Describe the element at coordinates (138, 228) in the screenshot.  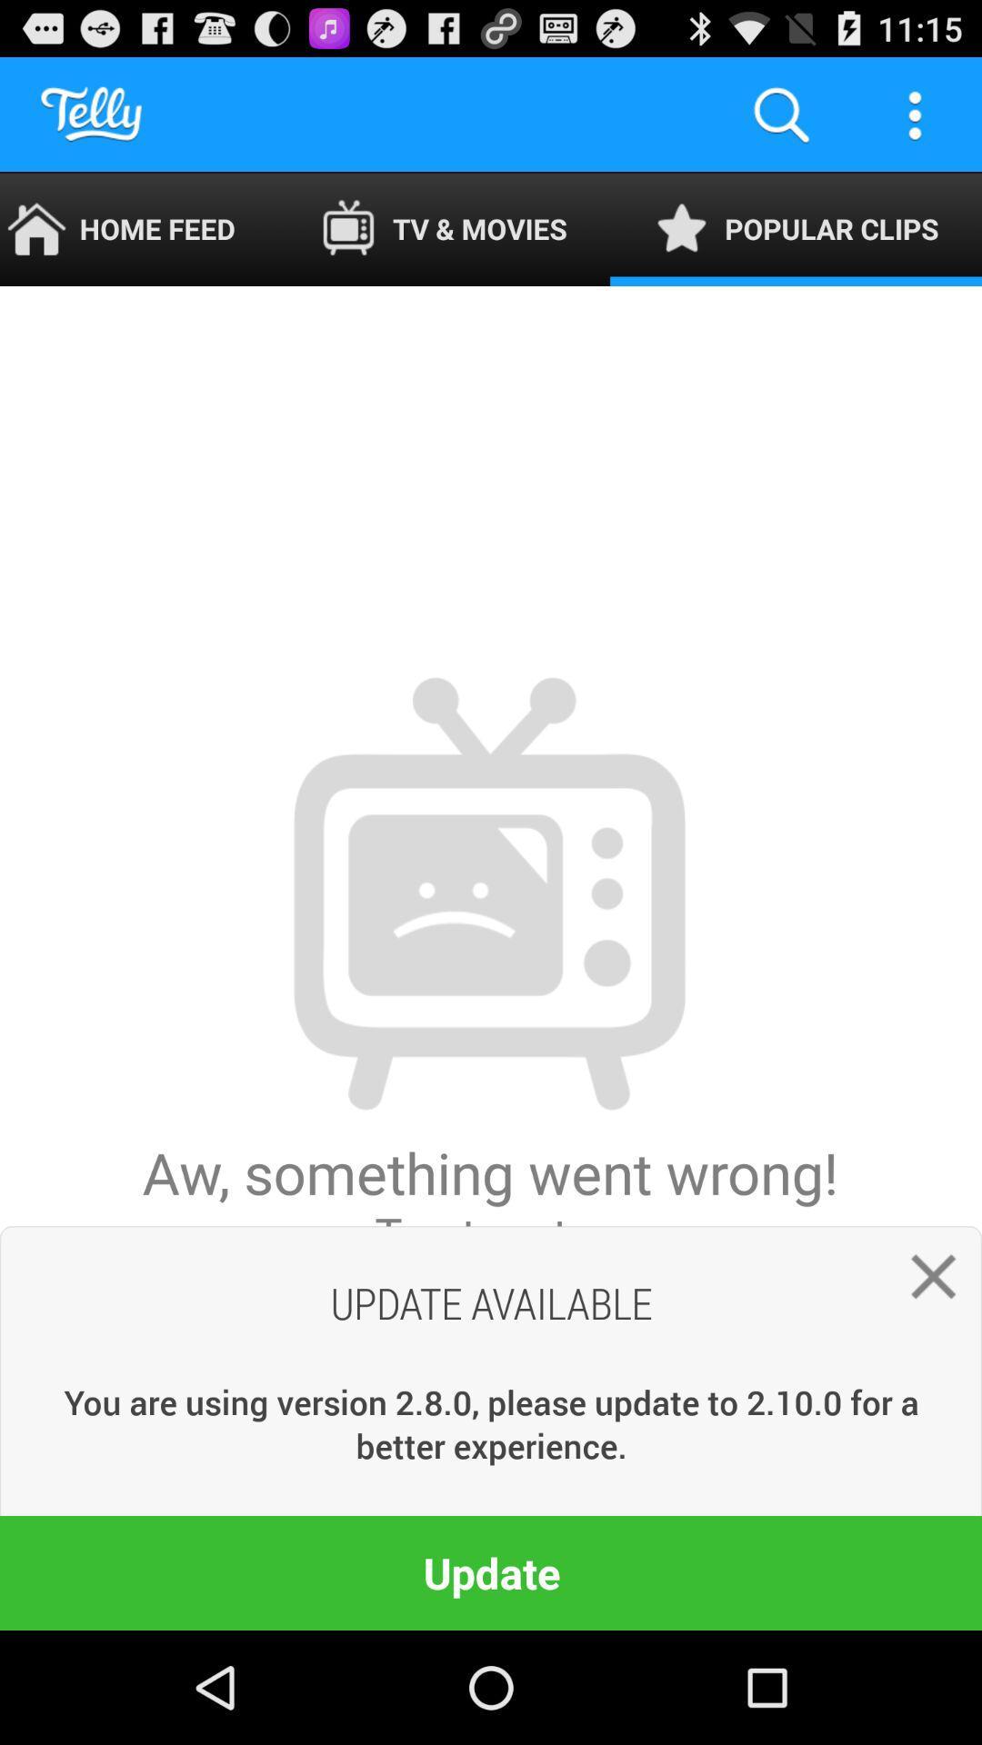
I see `icon above the aw something went icon` at that location.